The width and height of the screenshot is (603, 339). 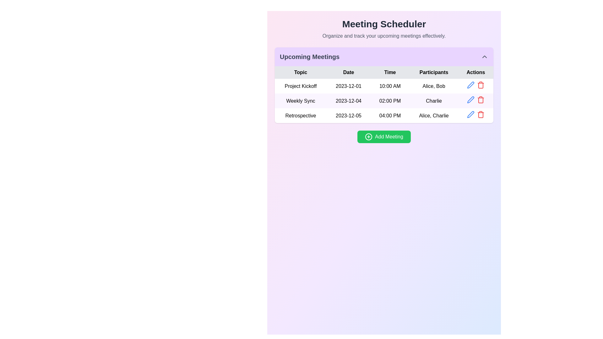 What do you see at coordinates (433, 116) in the screenshot?
I see `the text element displaying 'Alice, Charlie' in the 'Participants' column of the 'Retrospective' row in the table under 'Upcoming Meetings'` at bounding box center [433, 116].